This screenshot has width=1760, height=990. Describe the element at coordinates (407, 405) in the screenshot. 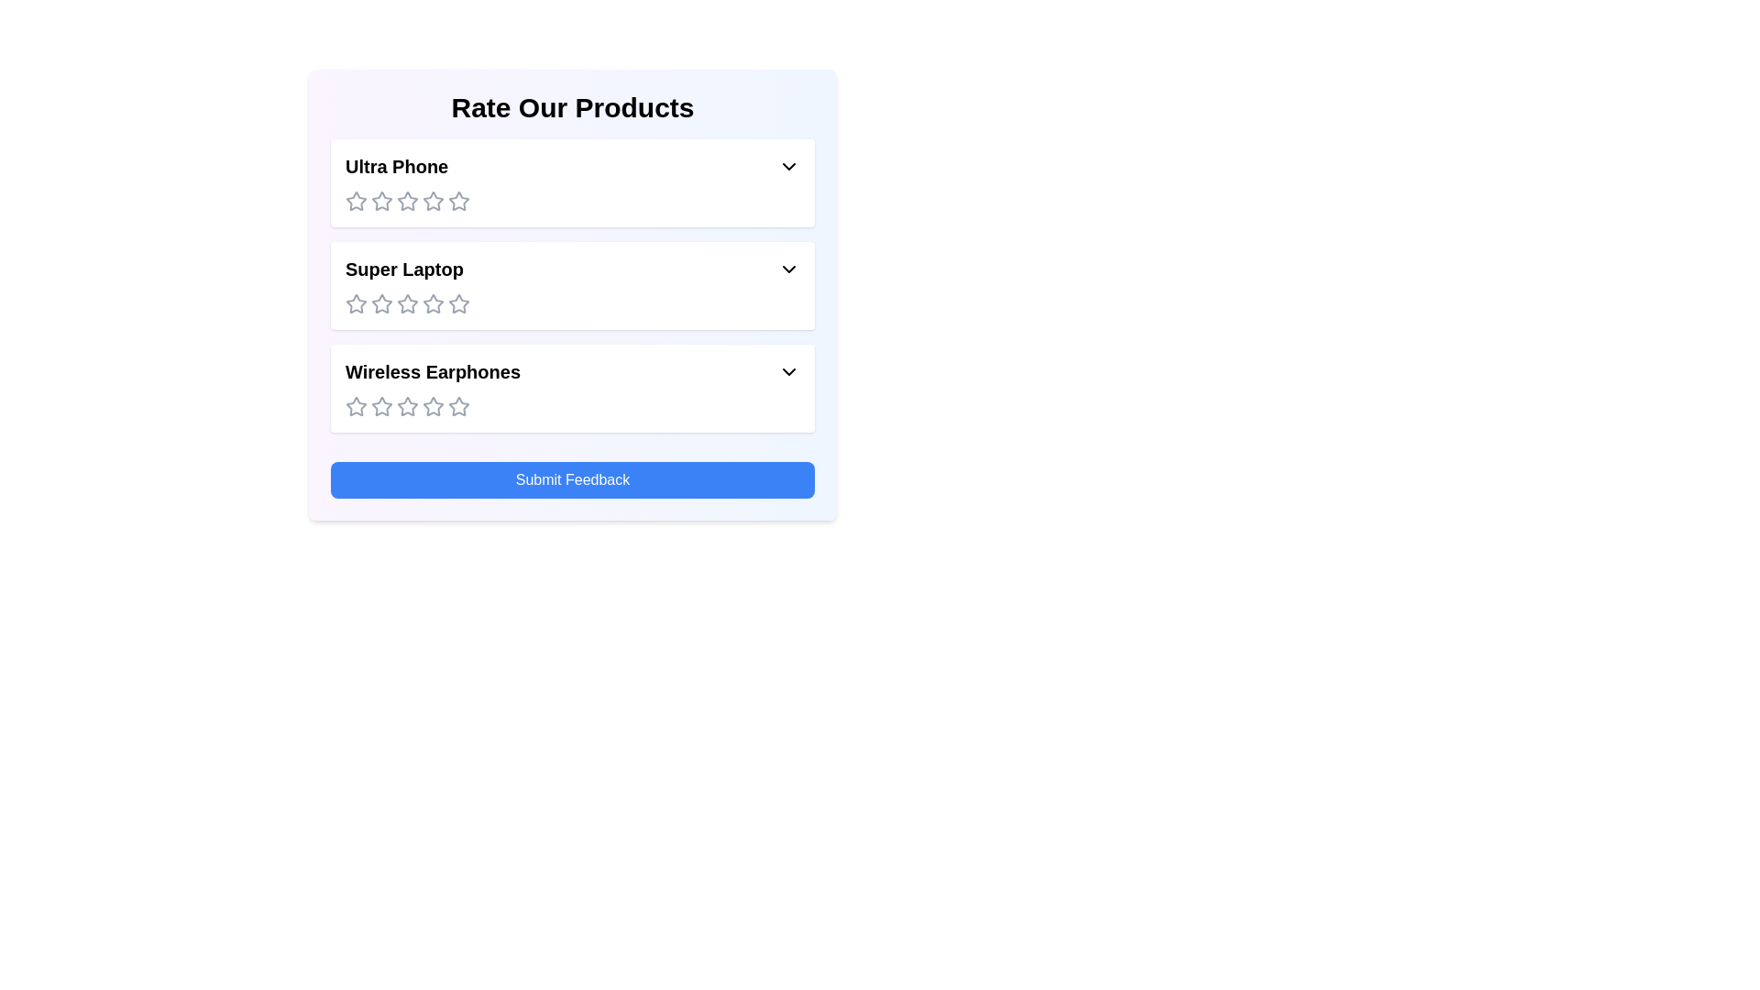

I see `the rating for the product 'Wireless Earphones' to 3 stars` at that location.